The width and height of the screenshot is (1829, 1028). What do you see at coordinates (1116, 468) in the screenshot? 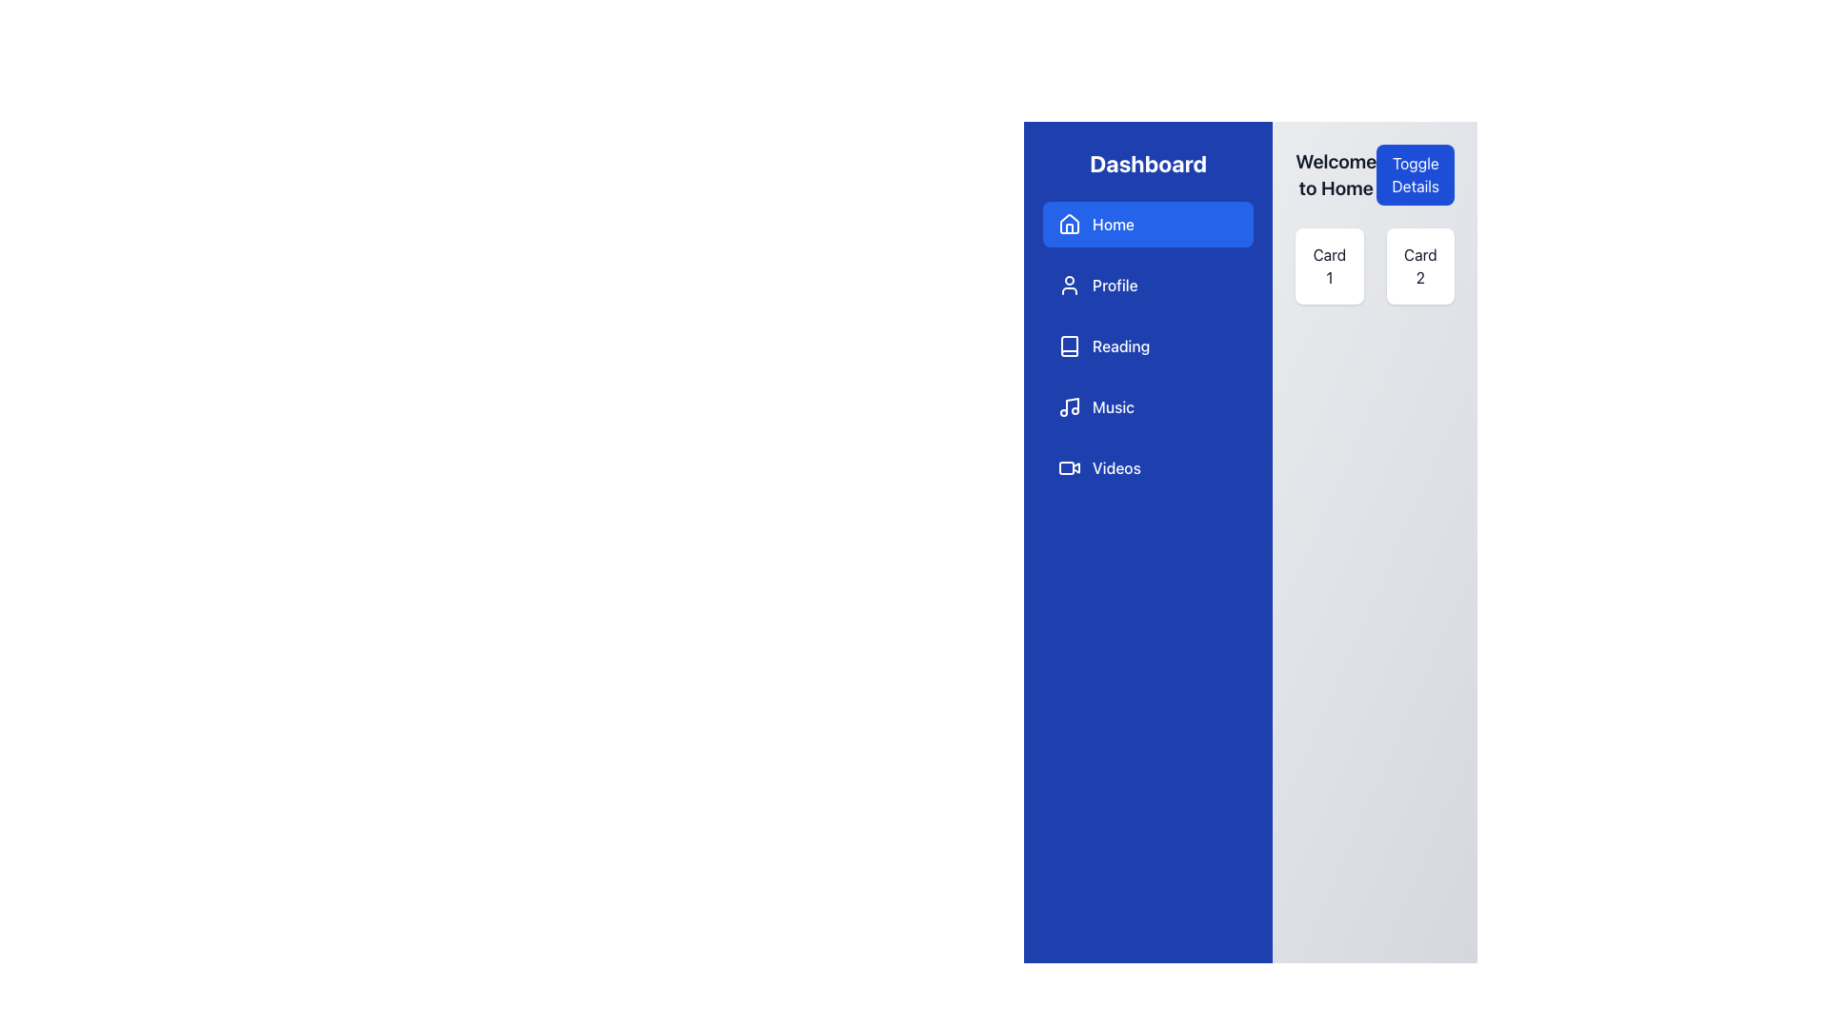
I see `text of the 'Videos' label in the navigation menu, which indicates that clicking it will lead to the videos section` at bounding box center [1116, 468].